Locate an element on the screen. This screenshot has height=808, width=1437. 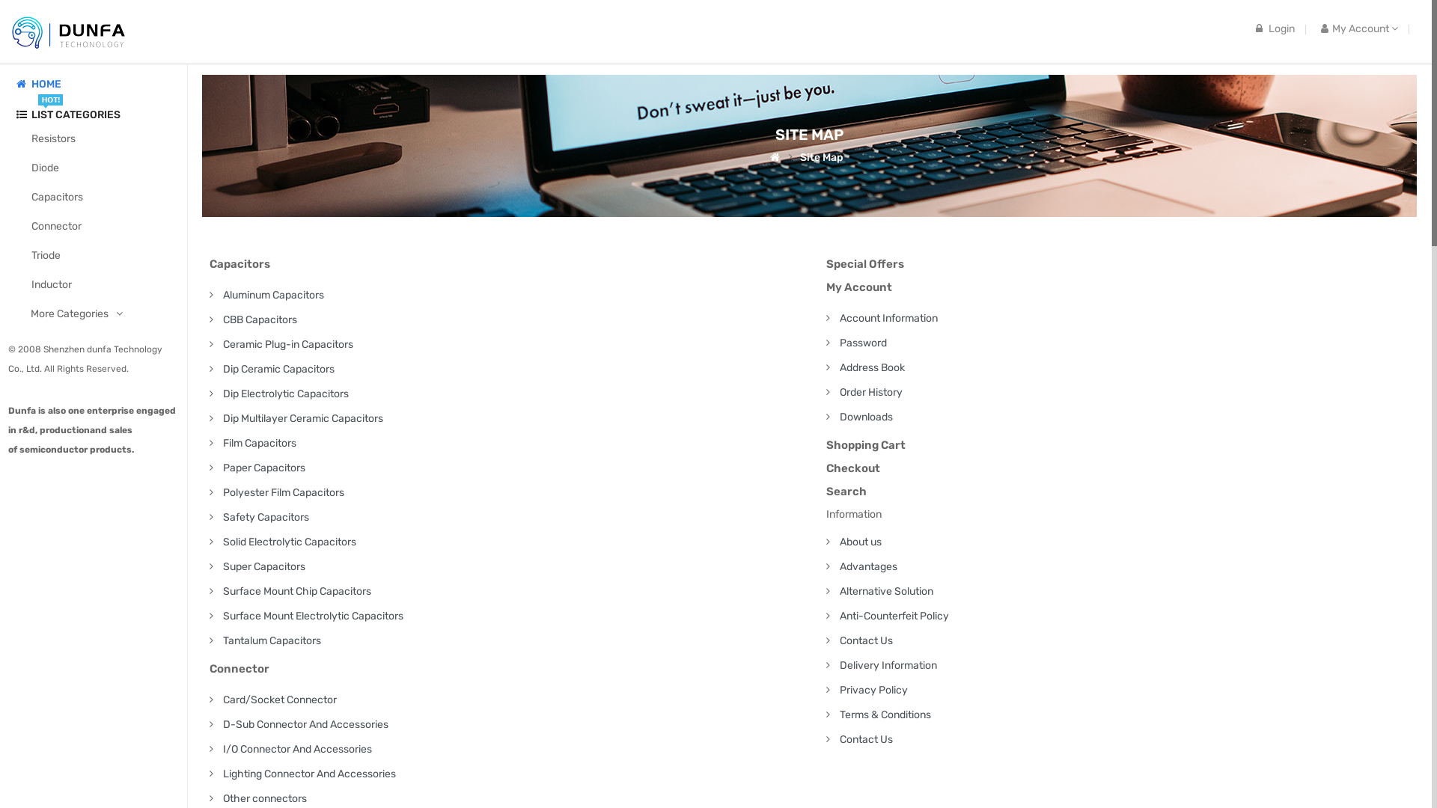
'Special Offers' is located at coordinates (826, 263).